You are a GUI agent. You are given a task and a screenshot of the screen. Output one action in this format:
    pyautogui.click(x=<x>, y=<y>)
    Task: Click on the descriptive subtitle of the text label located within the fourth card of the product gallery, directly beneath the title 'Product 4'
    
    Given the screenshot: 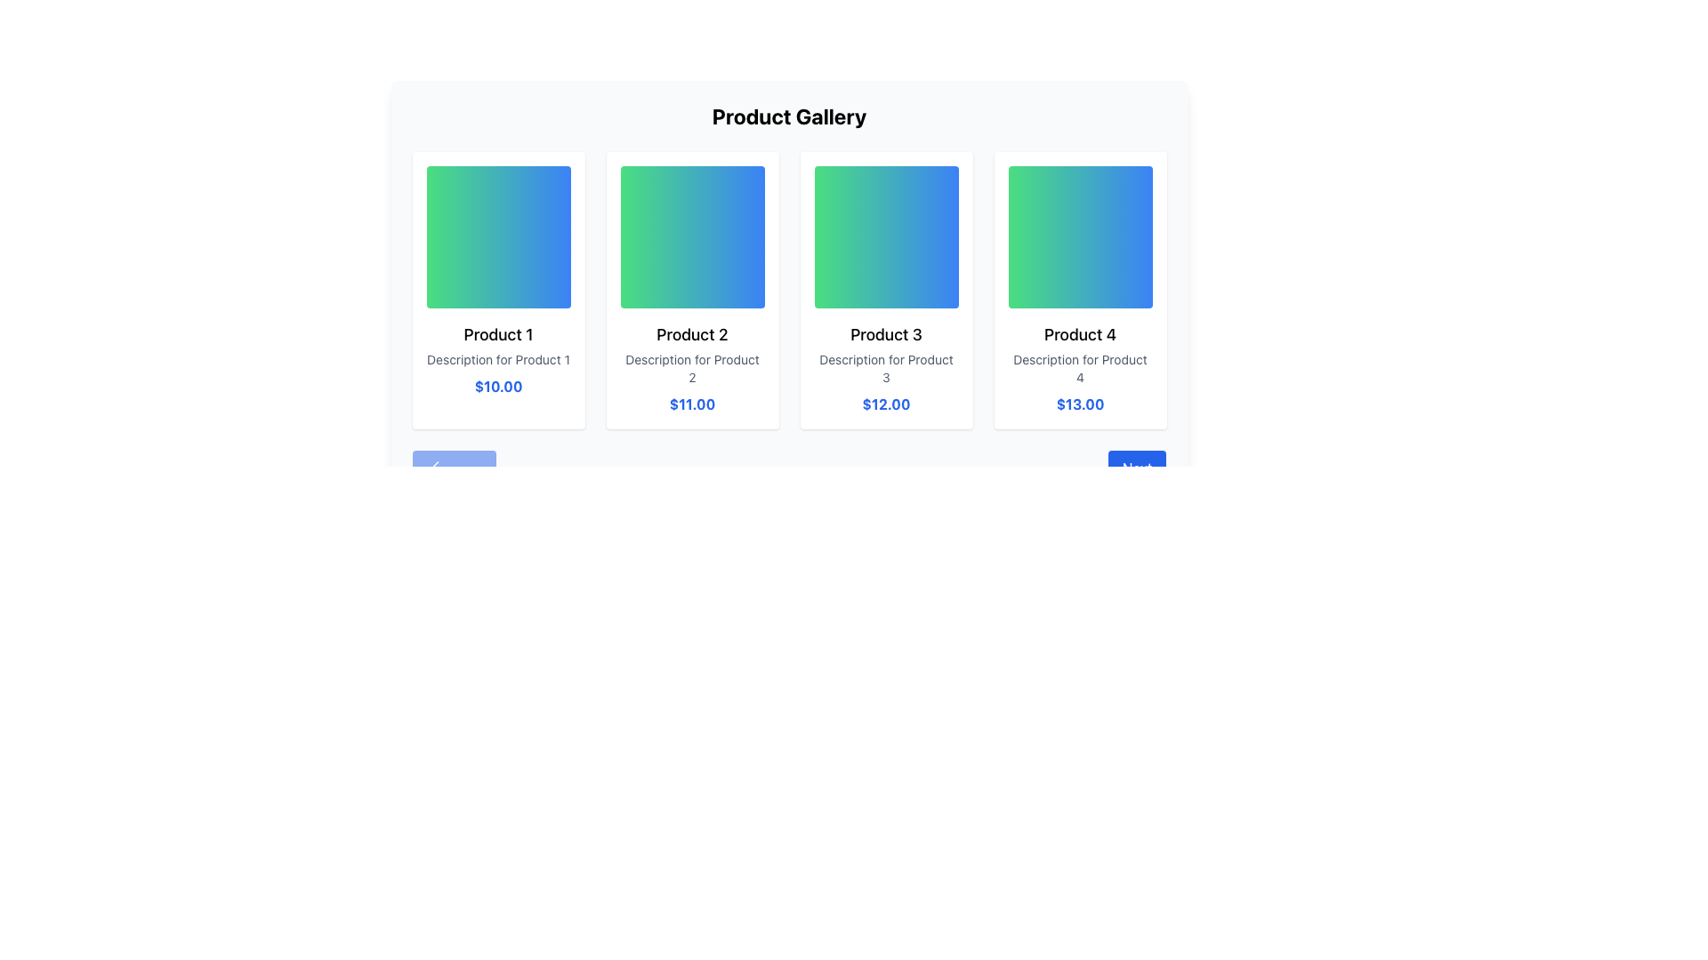 What is the action you would take?
    pyautogui.click(x=1079, y=368)
    